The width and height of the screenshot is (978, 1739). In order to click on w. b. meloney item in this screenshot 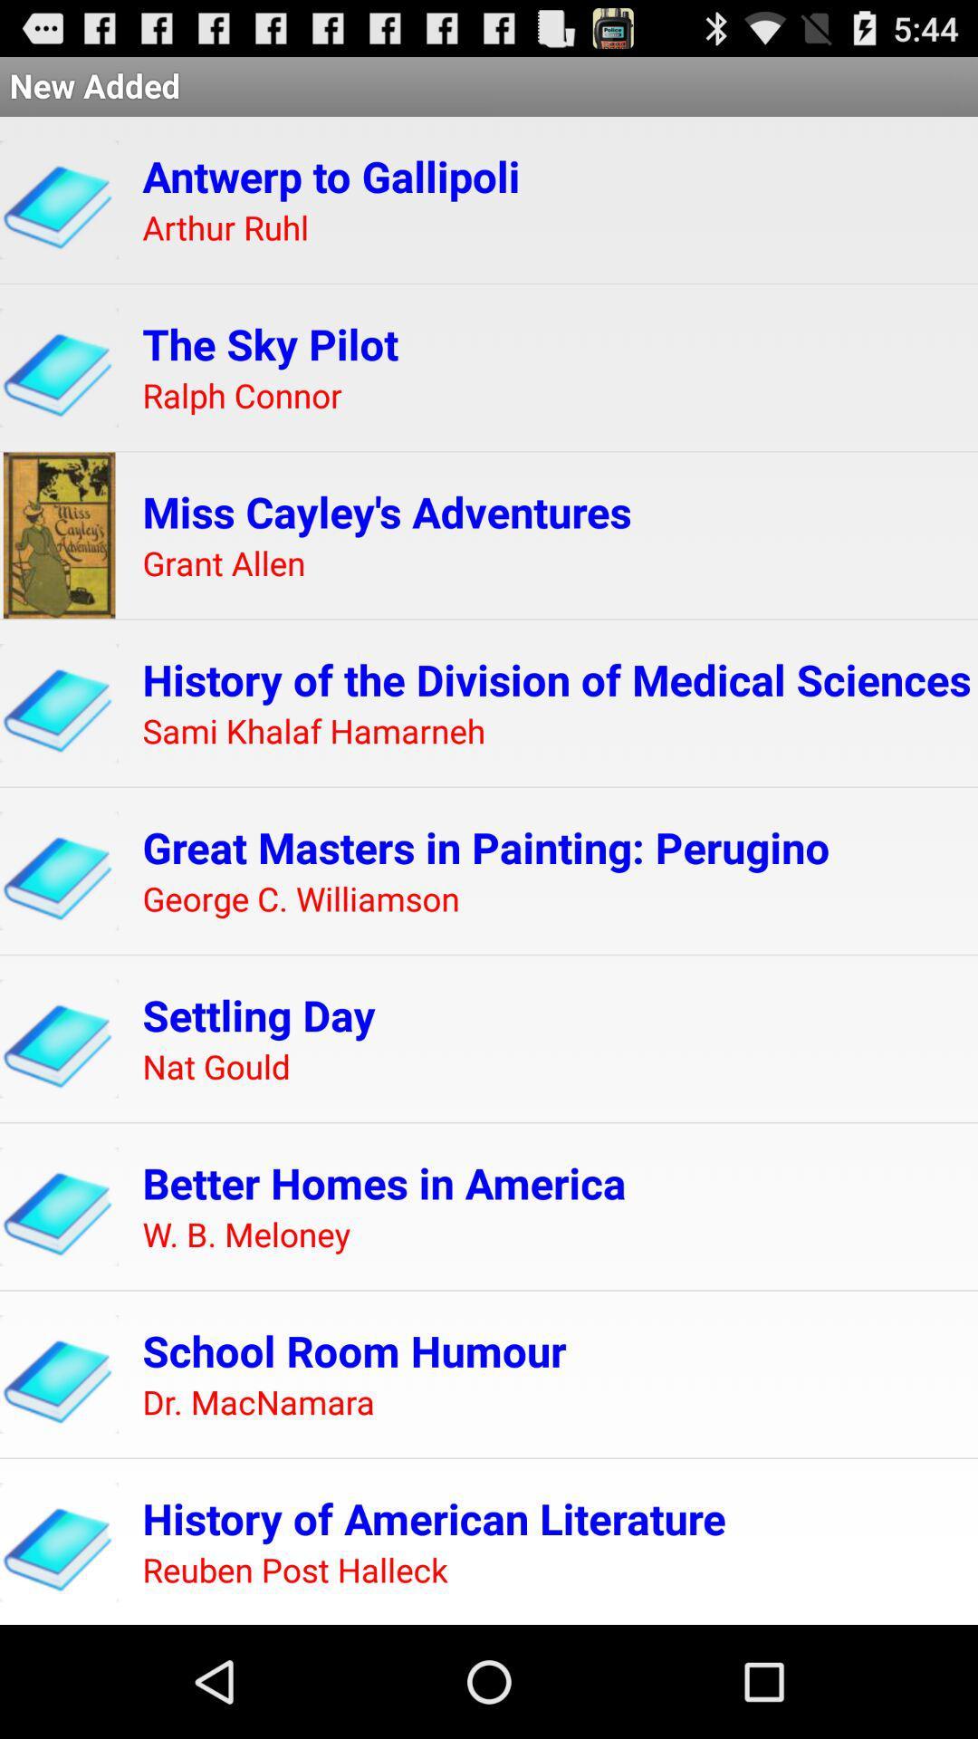, I will do `click(246, 1235)`.